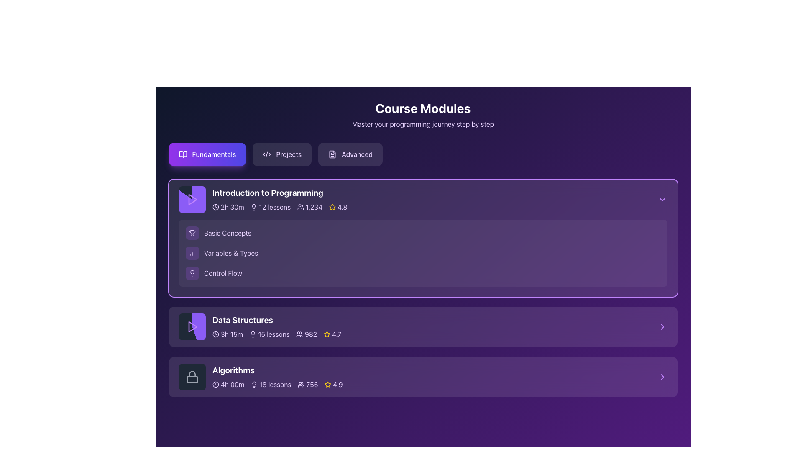 The image size is (803, 452). What do you see at coordinates (192, 200) in the screenshot?
I see `the play button located to the left of the 'Introduction to Programming' text to trigger any potential animations or tooltips` at bounding box center [192, 200].